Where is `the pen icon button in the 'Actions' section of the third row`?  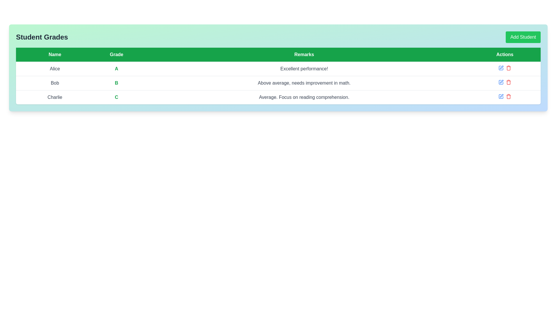
the pen icon button in the 'Actions' section of the third row is located at coordinates (501, 81).